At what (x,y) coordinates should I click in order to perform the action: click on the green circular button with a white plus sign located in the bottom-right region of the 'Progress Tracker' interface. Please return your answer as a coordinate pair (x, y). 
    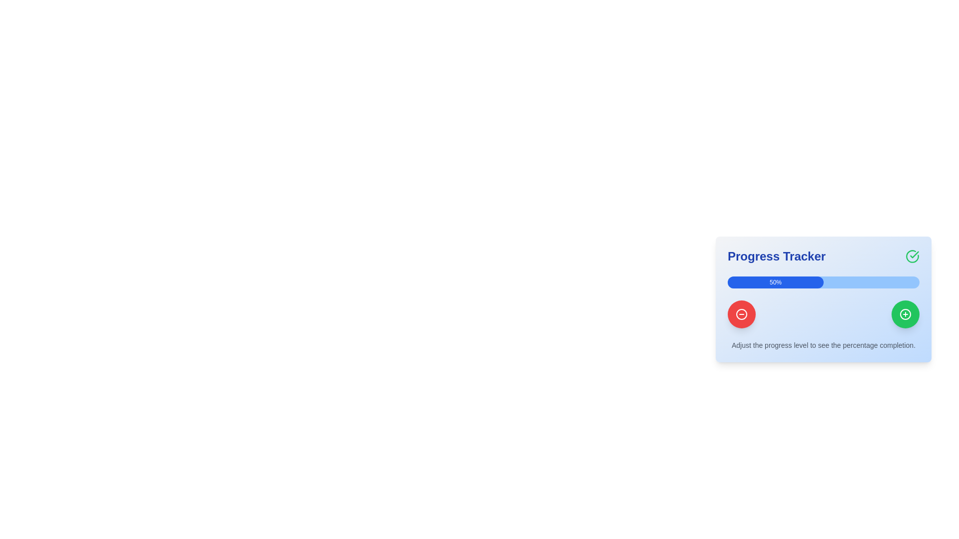
    Looking at the image, I should click on (906, 313).